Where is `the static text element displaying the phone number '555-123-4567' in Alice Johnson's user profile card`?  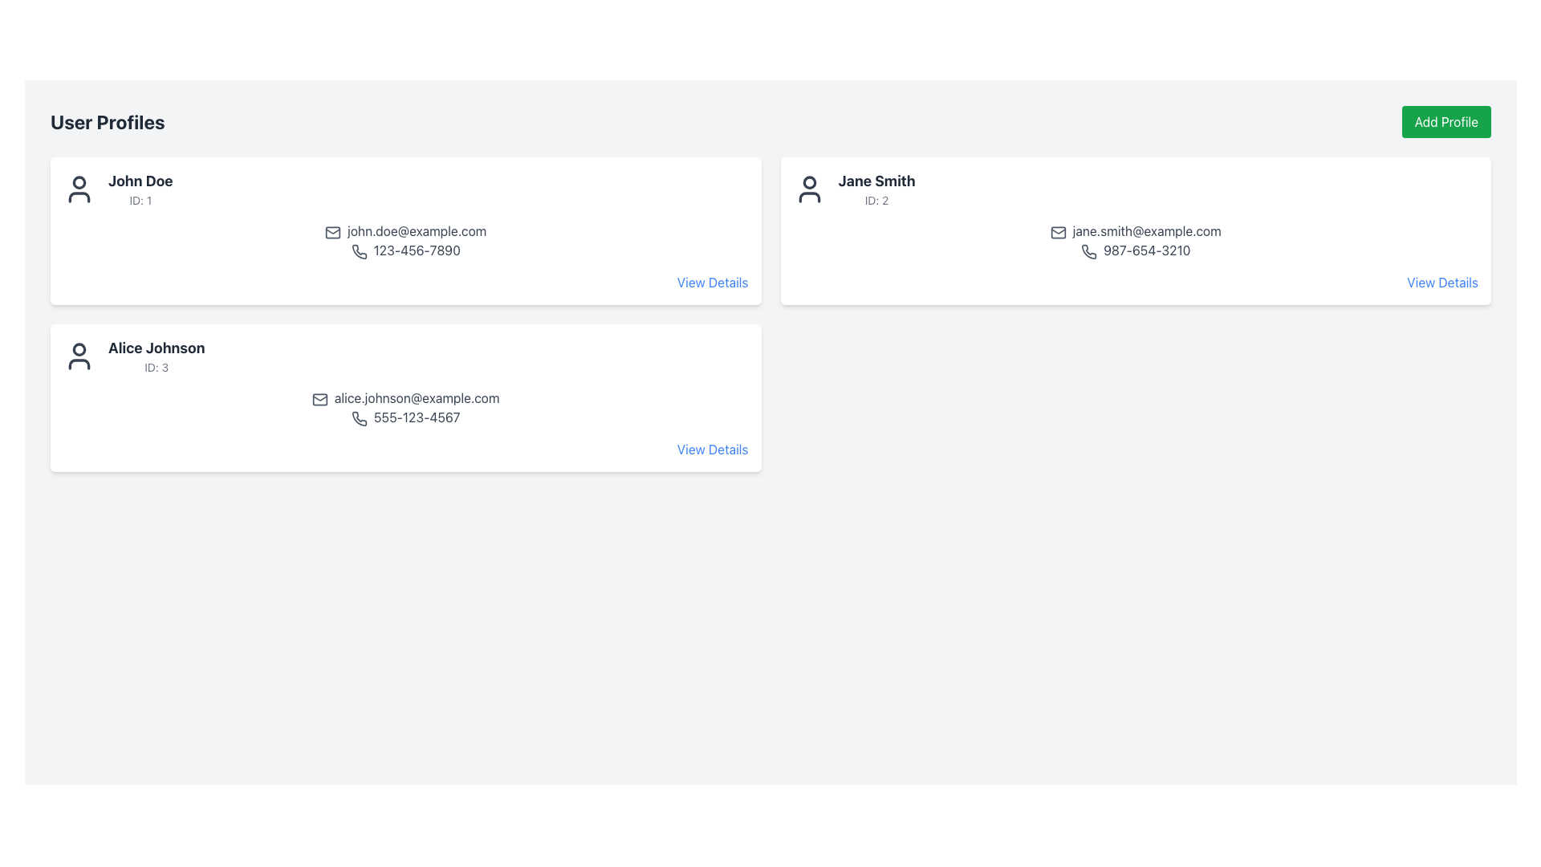
the static text element displaying the phone number '555-123-4567' in Alice Johnson's user profile card is located at coordinates (405, 417).